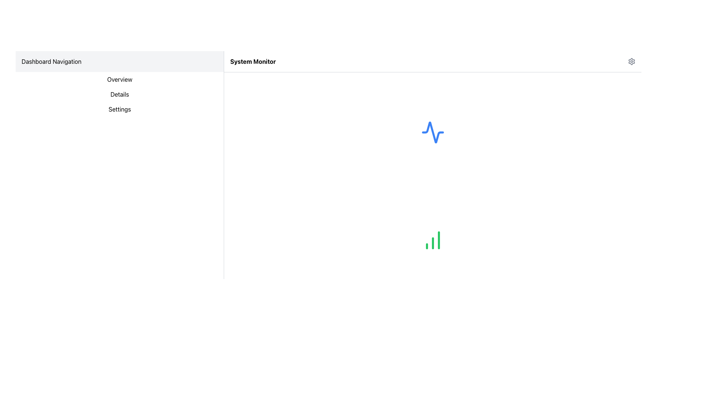  What do you see at coordinates (631, 61) in the screenshot?
I see `the settings button located at the far right side of the horizontal toolbar` at bounding box center [631, 61].